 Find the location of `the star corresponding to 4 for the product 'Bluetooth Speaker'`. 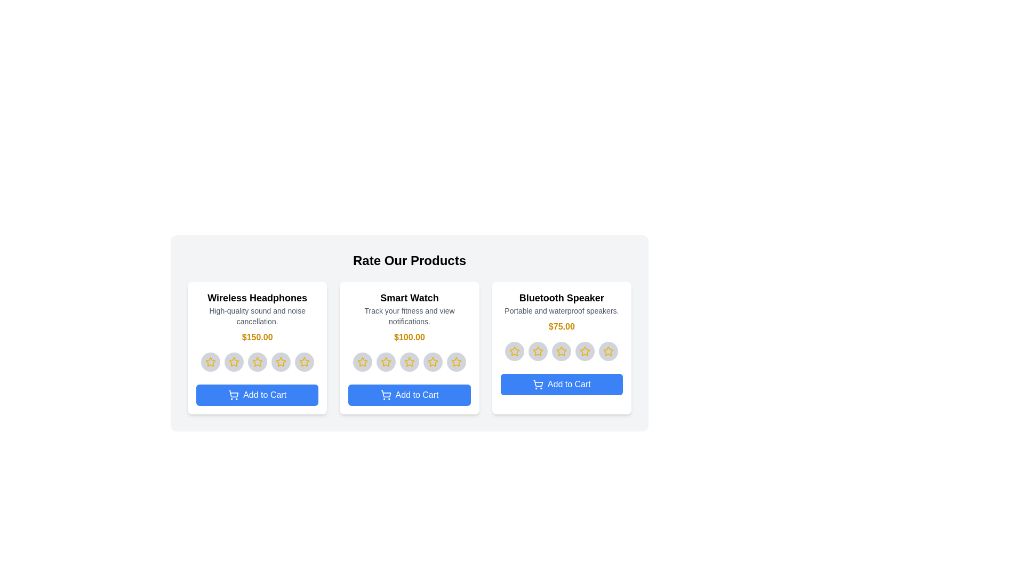

the star corresponding to 4 for the product 'Bluetooth Speaker' is located at coordinates (585, 351).